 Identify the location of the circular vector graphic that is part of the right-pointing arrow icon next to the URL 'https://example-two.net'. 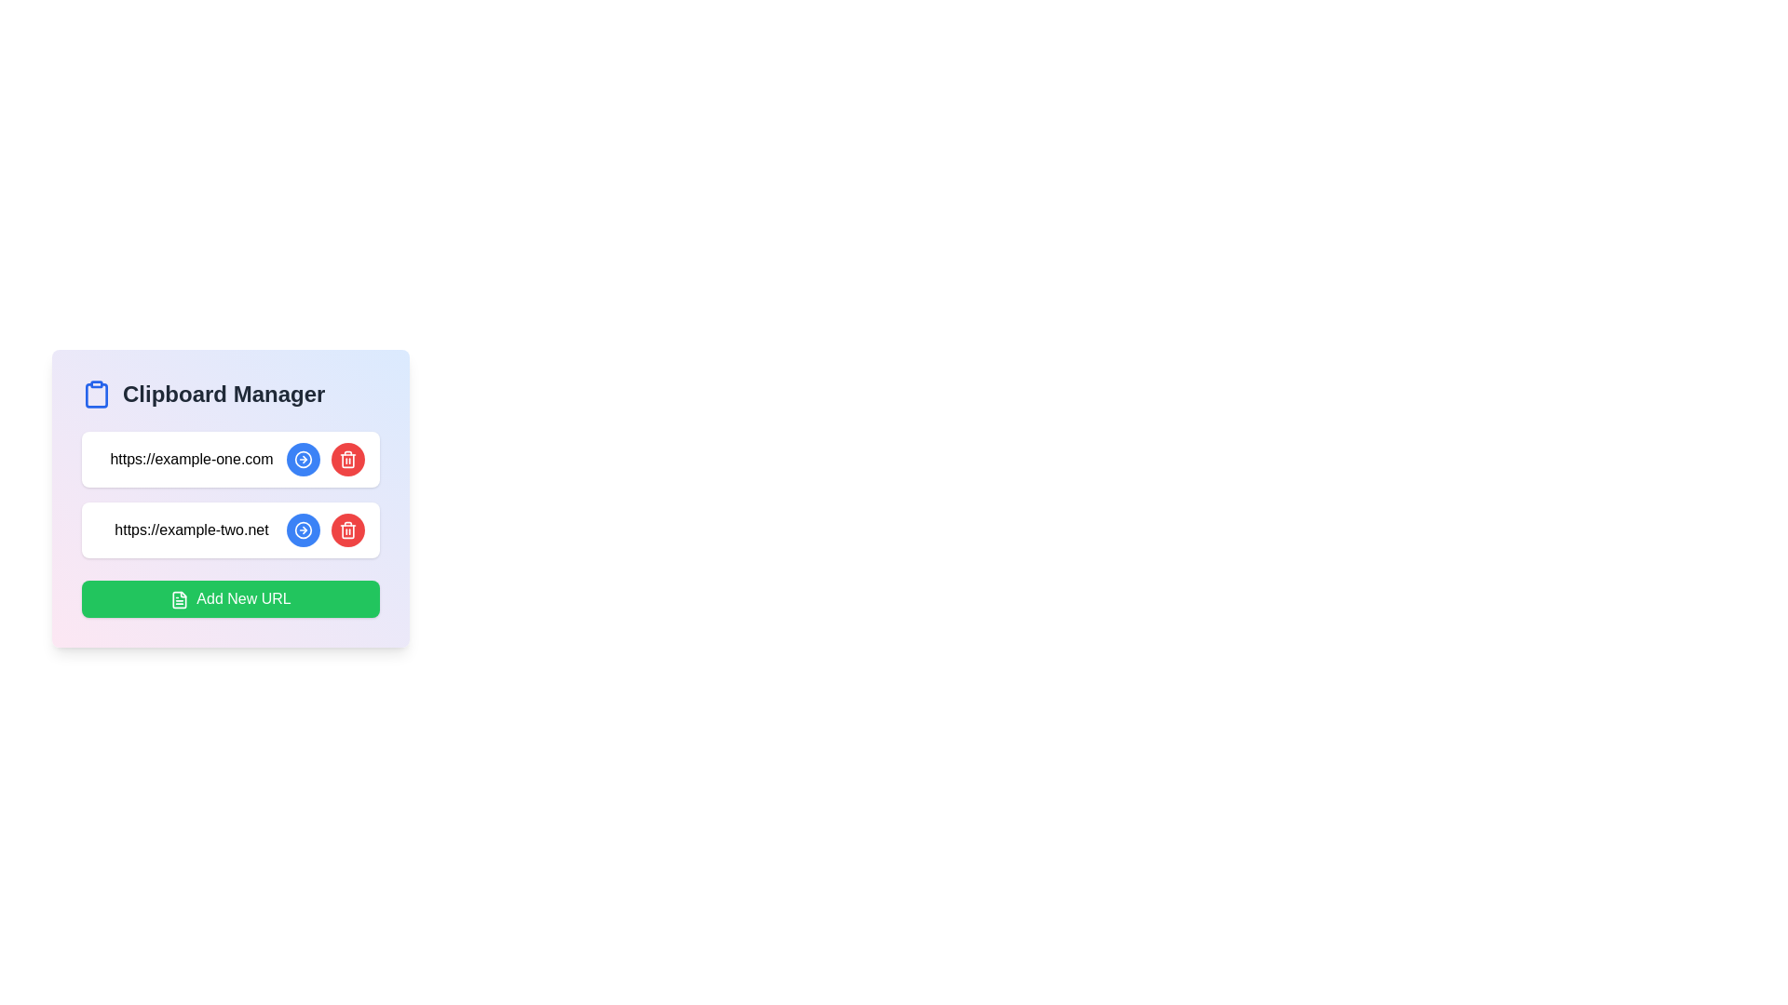
(304, 459).